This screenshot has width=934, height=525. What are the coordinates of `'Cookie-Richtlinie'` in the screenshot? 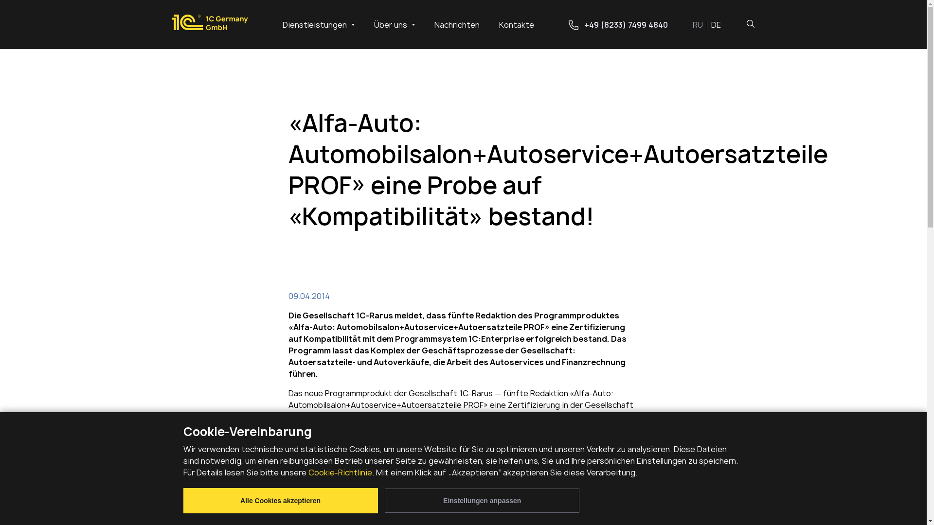 It's located at (340, 472).